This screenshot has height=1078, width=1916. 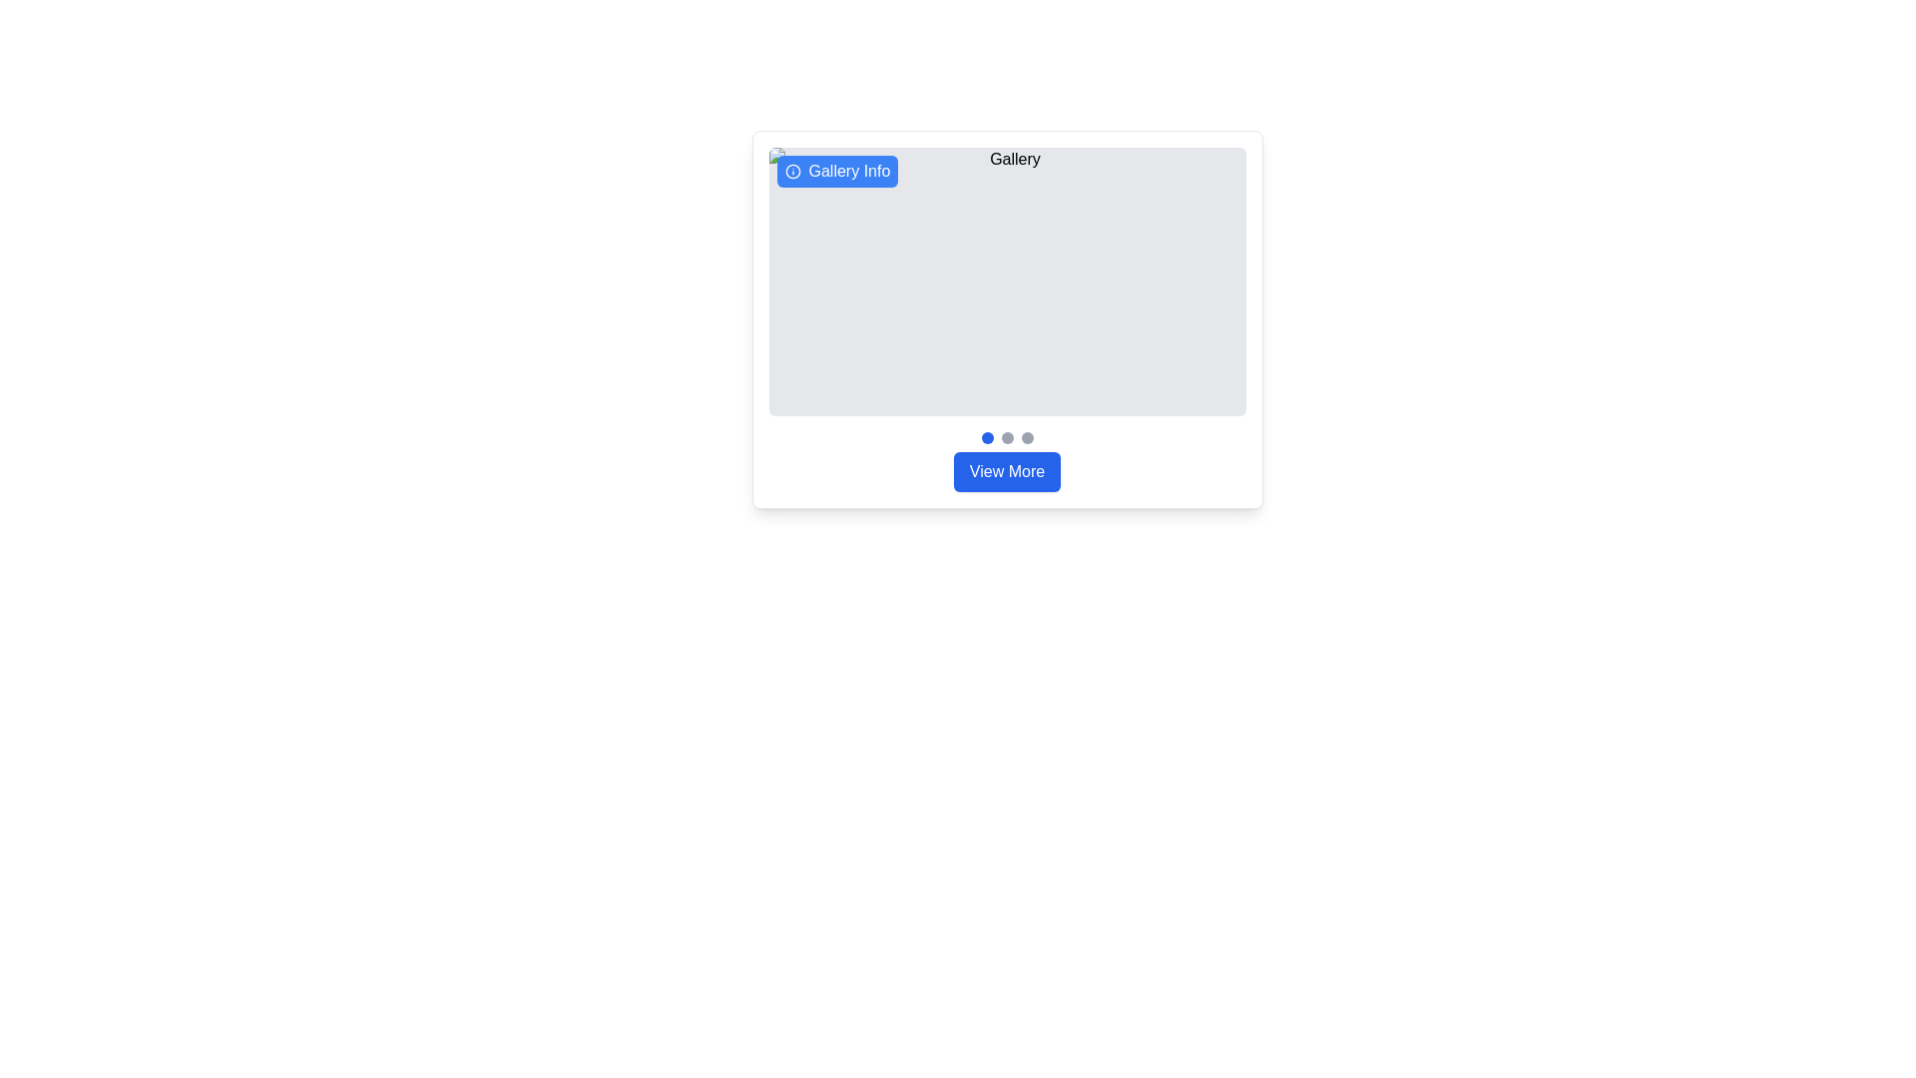 I want to click on the 'Gallery Info' text label, which is styled with a white font on a blue background and located within a rounded rectangular badge in the top-left corner of the gallery area, so click(x=849, y=171).